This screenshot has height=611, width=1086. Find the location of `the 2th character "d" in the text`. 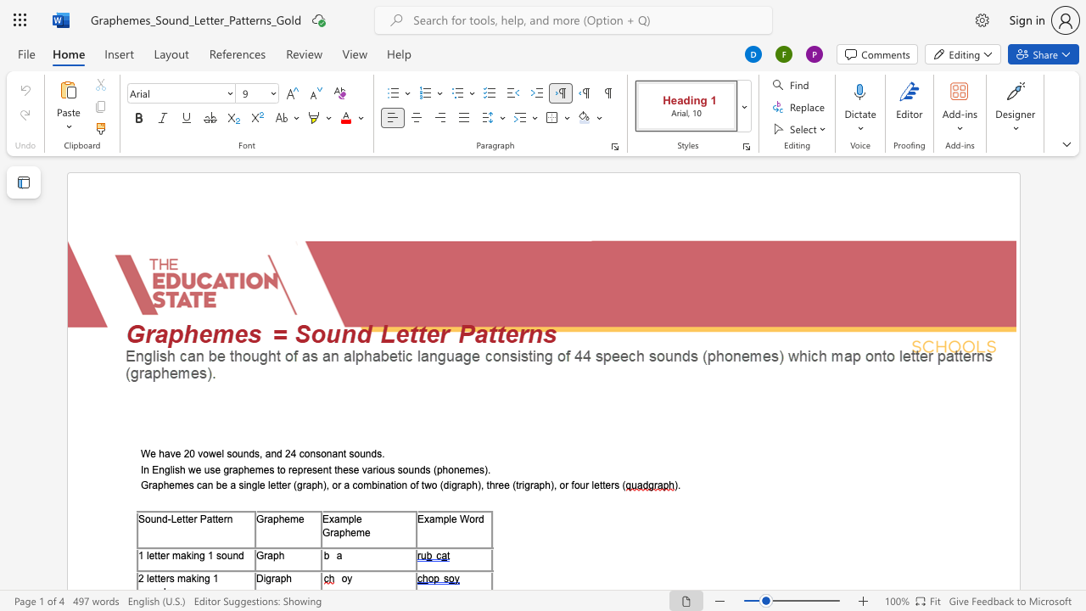

the 2th character "d" in the text is located at coordinates (279, 453).